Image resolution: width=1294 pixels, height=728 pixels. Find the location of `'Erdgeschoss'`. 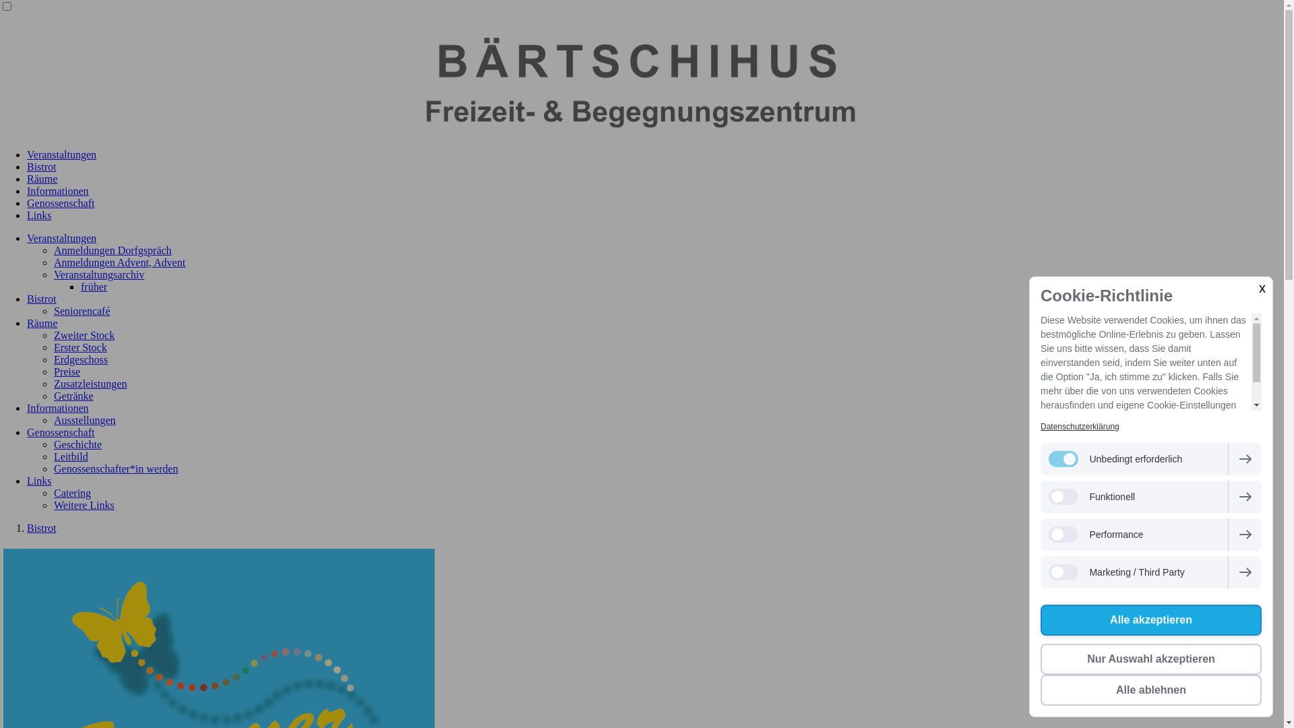

'Erdgeschoss' is located at coordinates (80, 359).